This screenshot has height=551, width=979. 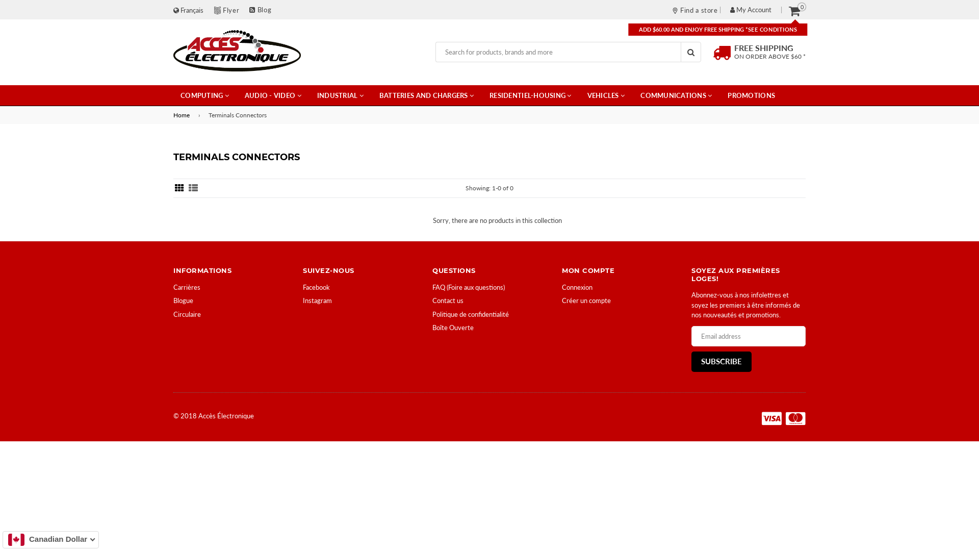 I want to click on 'Blog', so click(x=260, y=10).